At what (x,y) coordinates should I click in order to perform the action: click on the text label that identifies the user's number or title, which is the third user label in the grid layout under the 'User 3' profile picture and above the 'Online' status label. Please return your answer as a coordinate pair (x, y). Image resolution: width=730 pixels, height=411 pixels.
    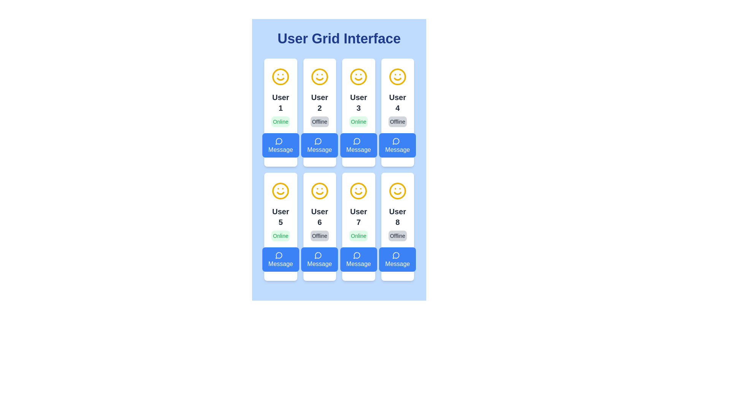
    Looking at the image, I should click on (358, 103).